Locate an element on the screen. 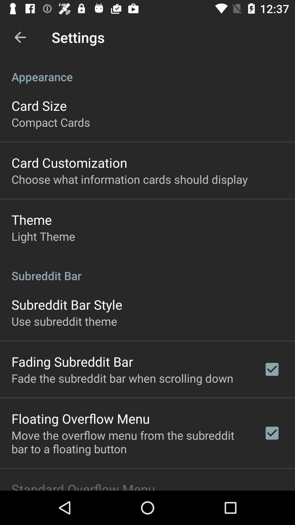 The height and width of the screenshot is (525, 295). icon below appearance item is located at coordinates (39, 106).